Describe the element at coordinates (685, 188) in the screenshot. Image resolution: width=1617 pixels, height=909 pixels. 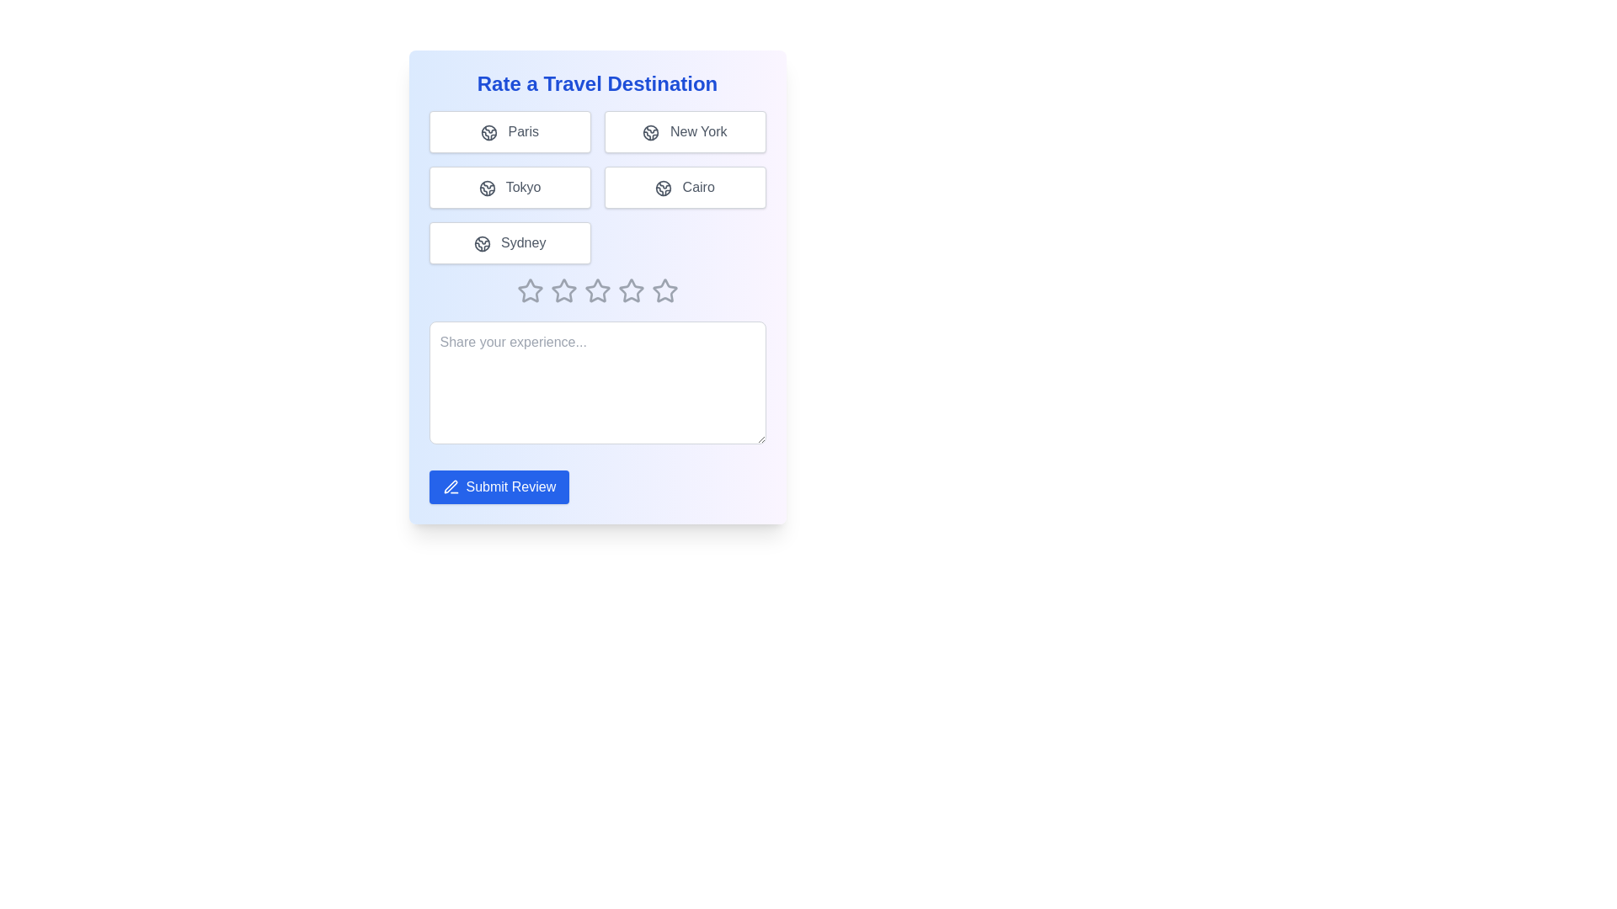
I see `the rectangular button labeled 'Cairo' with a globe icon` at that location.